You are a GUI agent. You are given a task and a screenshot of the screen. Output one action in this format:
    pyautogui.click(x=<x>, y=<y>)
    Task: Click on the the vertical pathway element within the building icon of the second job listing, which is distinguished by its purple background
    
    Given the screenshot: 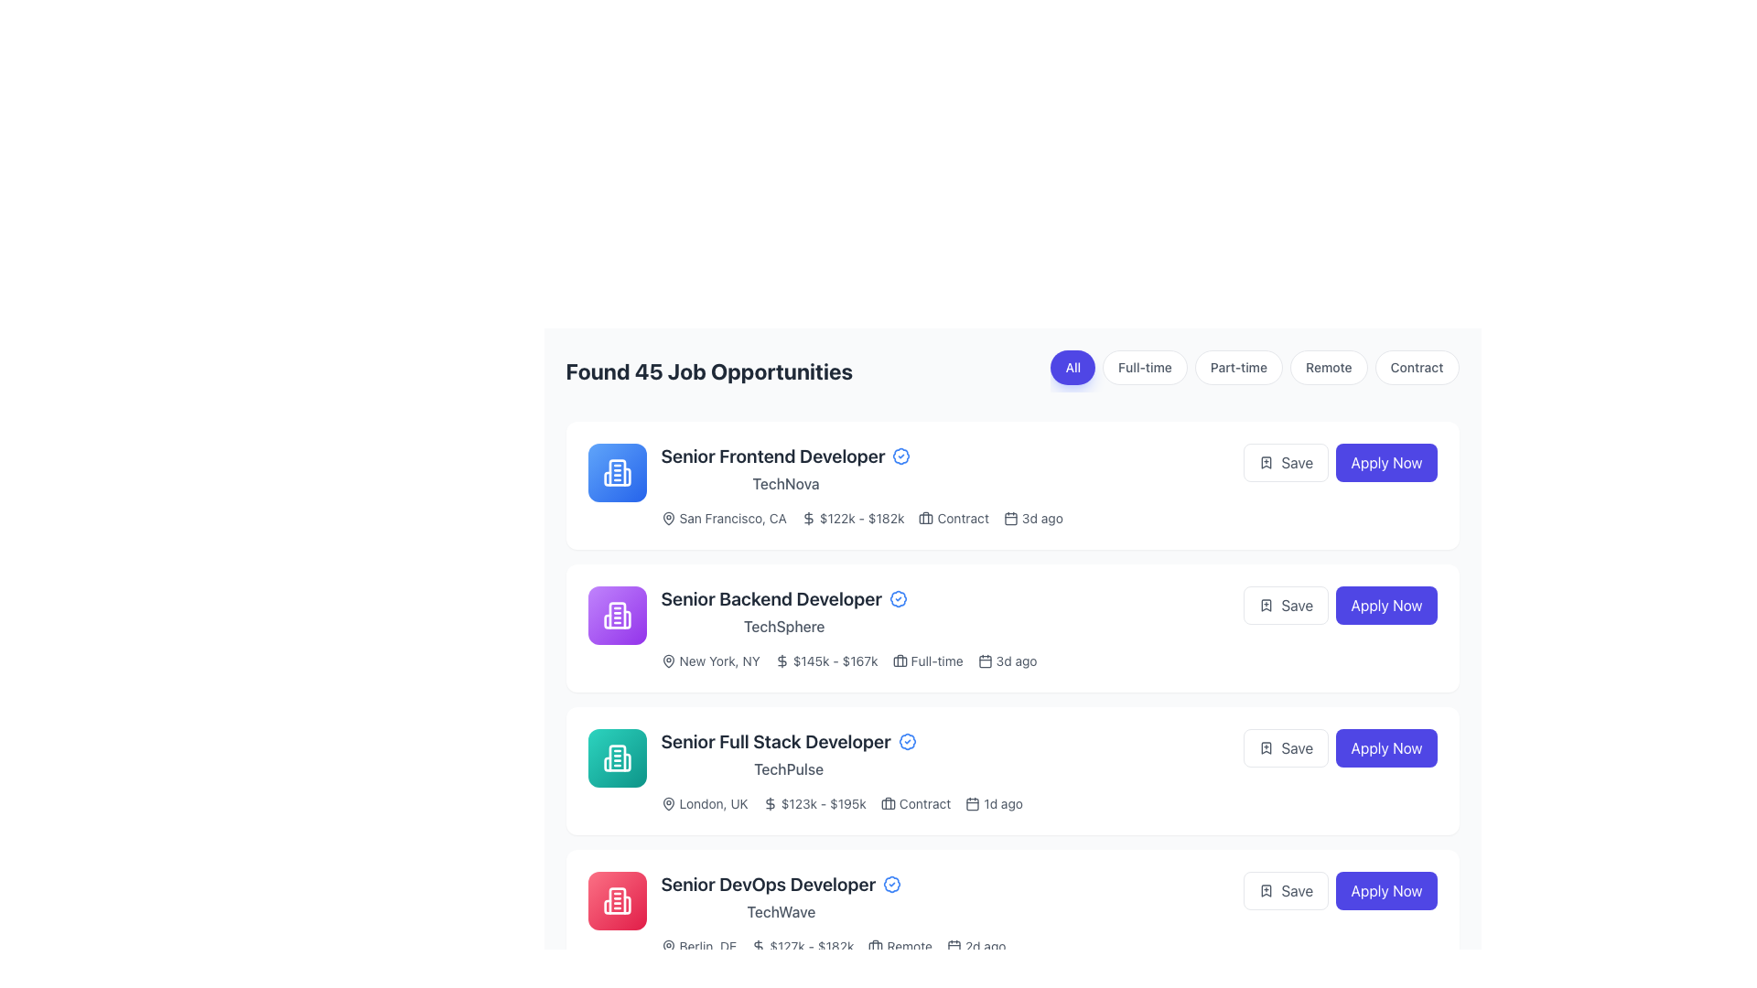 What is the action you would take?
    pyautogui.click(x=607, y=620)
    